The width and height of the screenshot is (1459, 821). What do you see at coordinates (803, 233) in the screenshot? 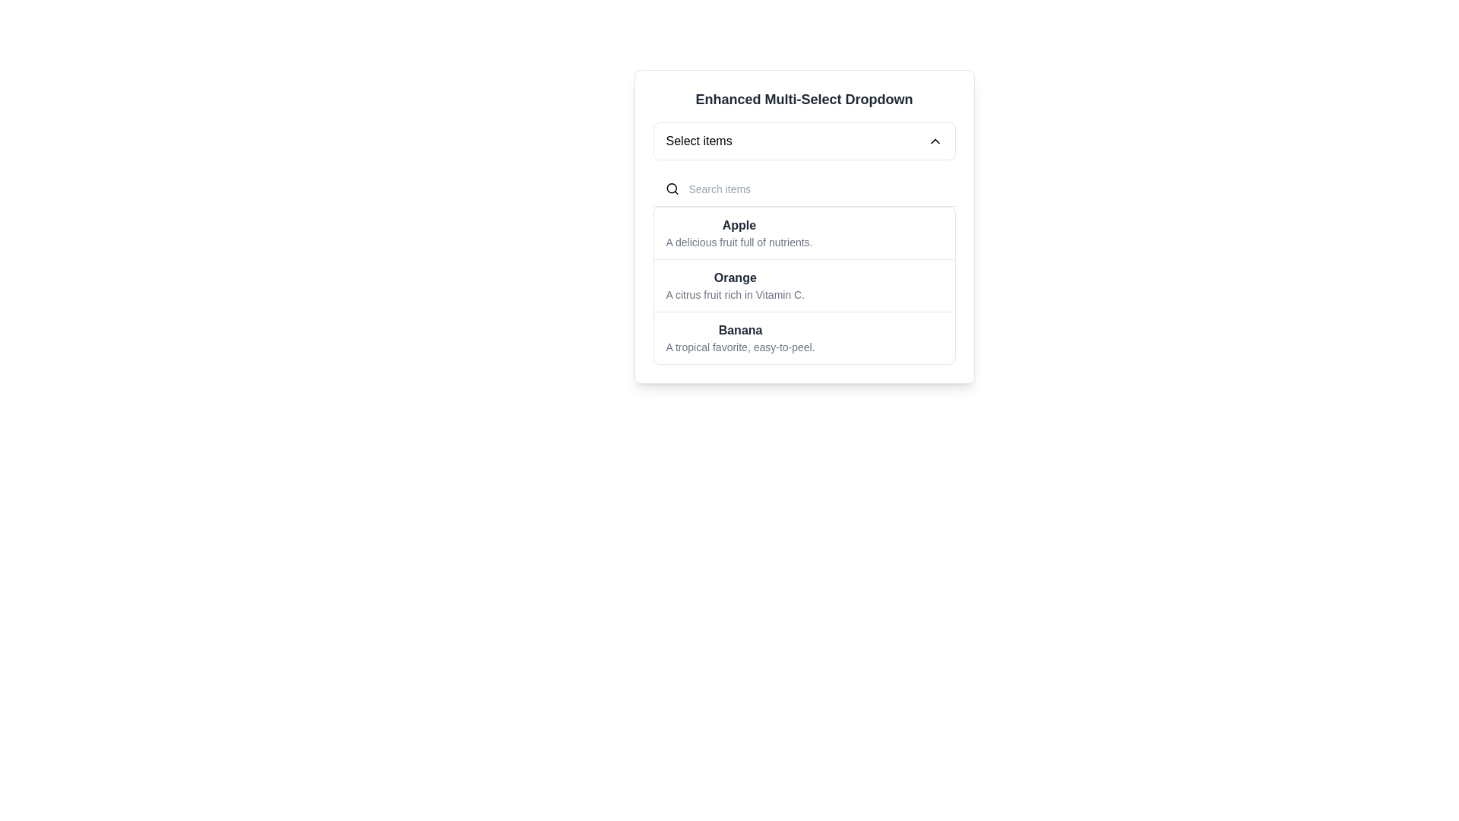
I see `the first list item titled 'Apple' in the dropdown interface` at bounding box center [803, 233].